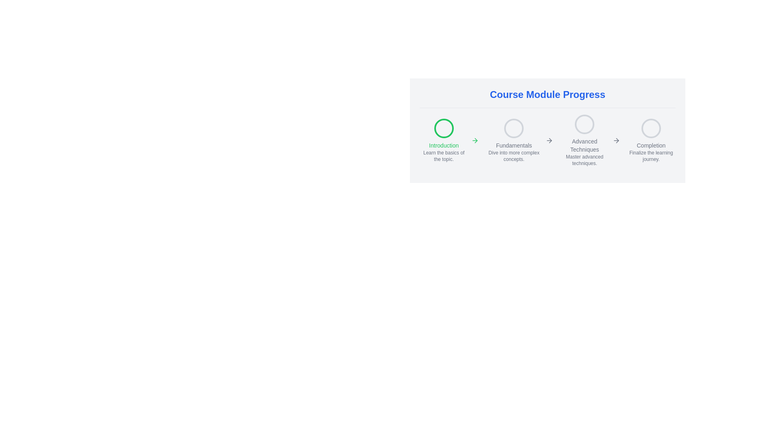 This screenshot has width=780, height=439. What do you see at coordinates (513, 156) in the screenshot?
I see `descriptive text located below the 'Fundamentals' label in the progress tracker layout` at bounding box center [513, 156].